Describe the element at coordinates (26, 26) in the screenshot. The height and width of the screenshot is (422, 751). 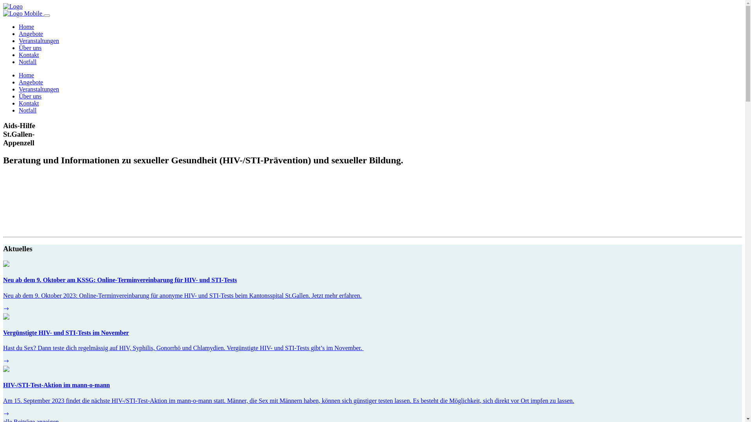
I see `'Home'` at that location.